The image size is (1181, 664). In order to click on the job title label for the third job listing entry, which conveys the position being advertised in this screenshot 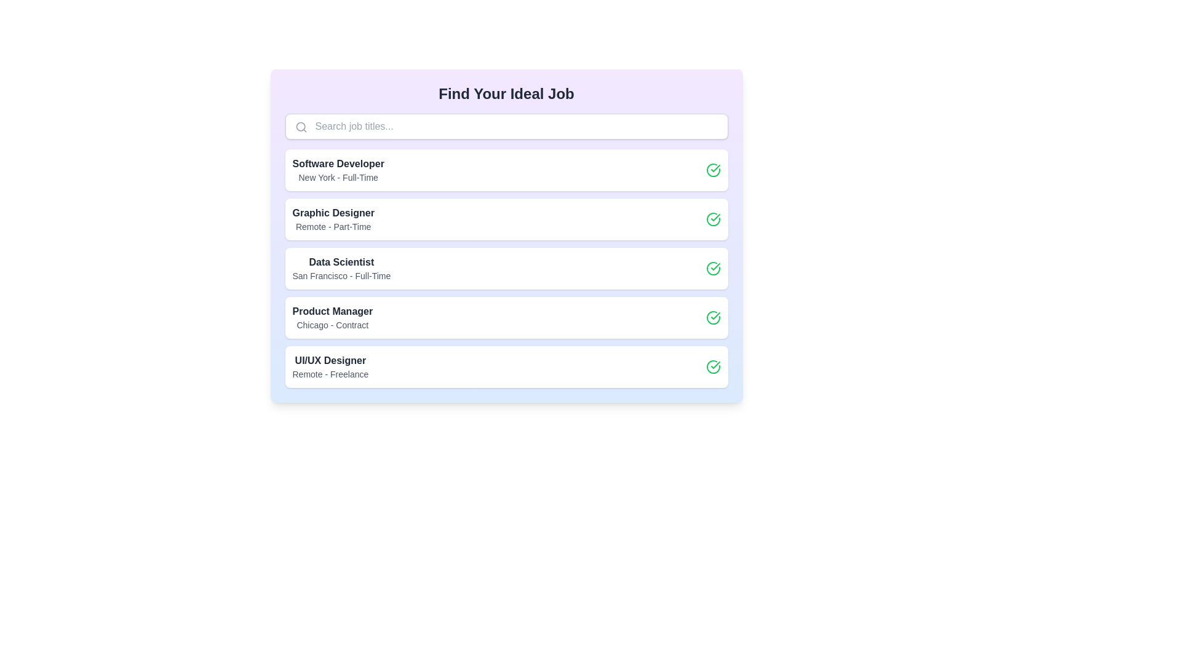, I will do `click(341, 262)`.